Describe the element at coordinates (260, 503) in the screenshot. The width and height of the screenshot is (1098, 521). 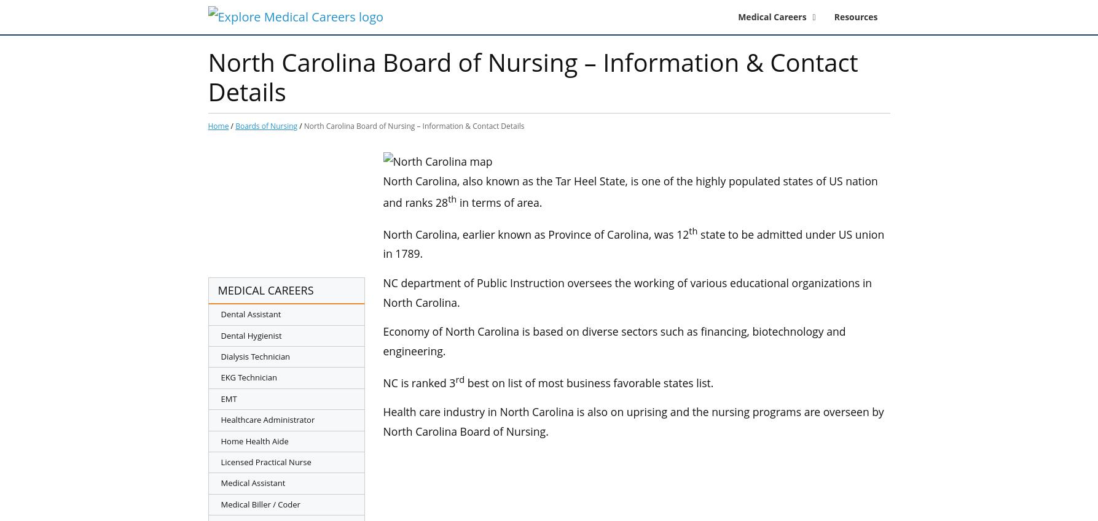
I see `'Medical Biller / Coder'` at that location.